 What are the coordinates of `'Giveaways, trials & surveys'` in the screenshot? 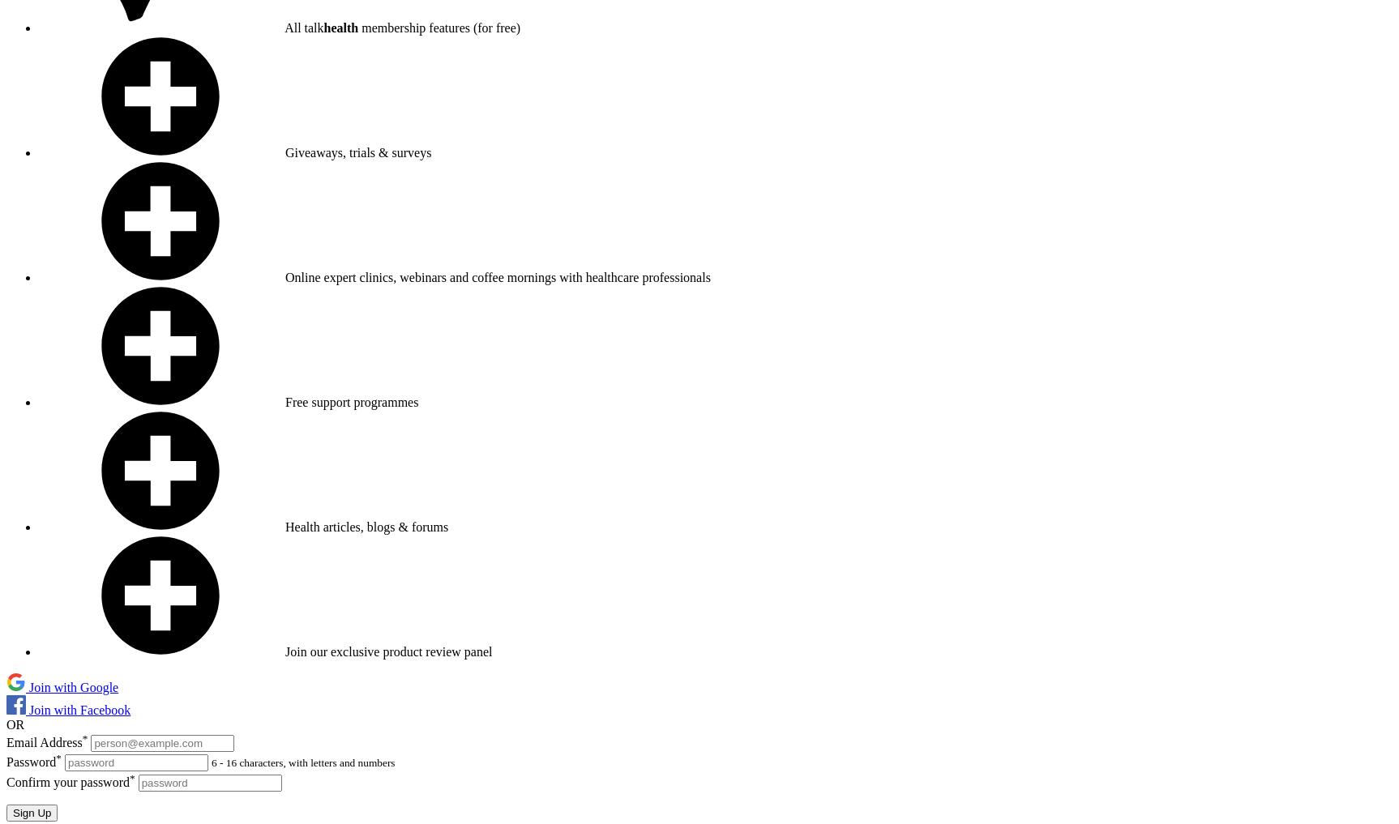 It's located at (357, 152).